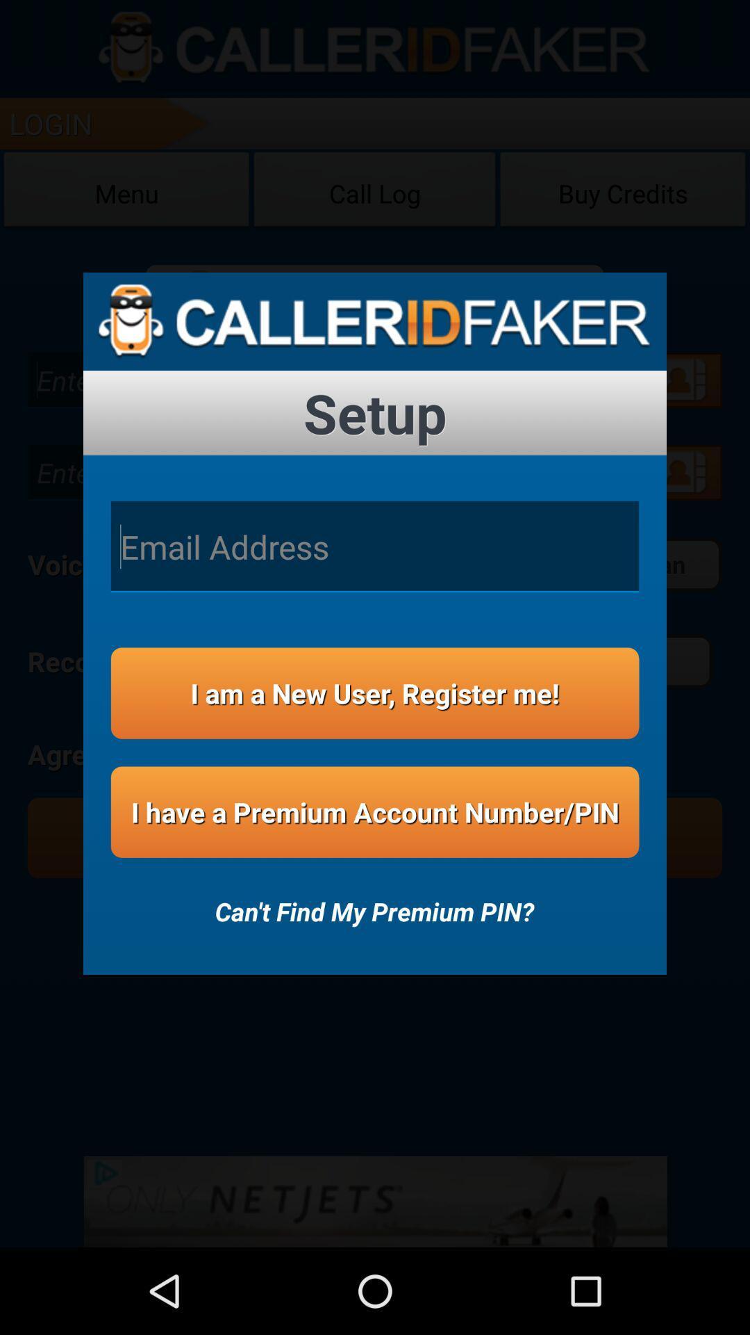 The width and height of the screenshot is (750, 1335). What do you see at coordinates (374, 902) in the screenshot?
I see `can t find app` at bounding box center [374, 902].